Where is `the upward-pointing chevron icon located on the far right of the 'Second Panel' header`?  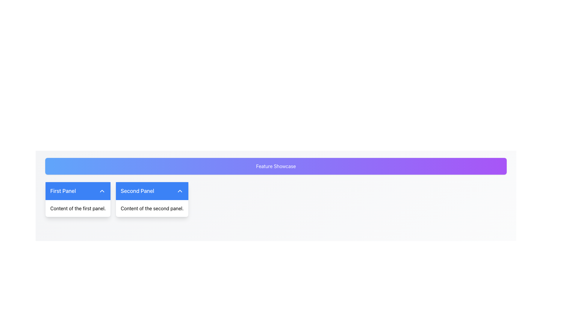
the upward-pointing chevron icon located on the far right of the 'Second Panel' header is located at coordinates (180, 191).